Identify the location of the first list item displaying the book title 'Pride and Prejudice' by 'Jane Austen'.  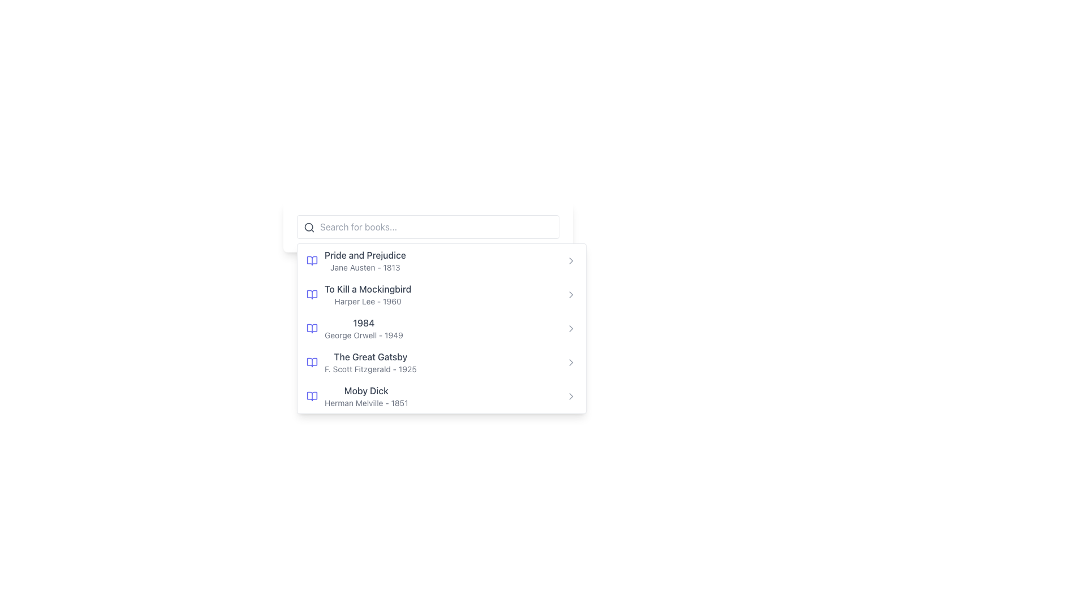
(441, 261).